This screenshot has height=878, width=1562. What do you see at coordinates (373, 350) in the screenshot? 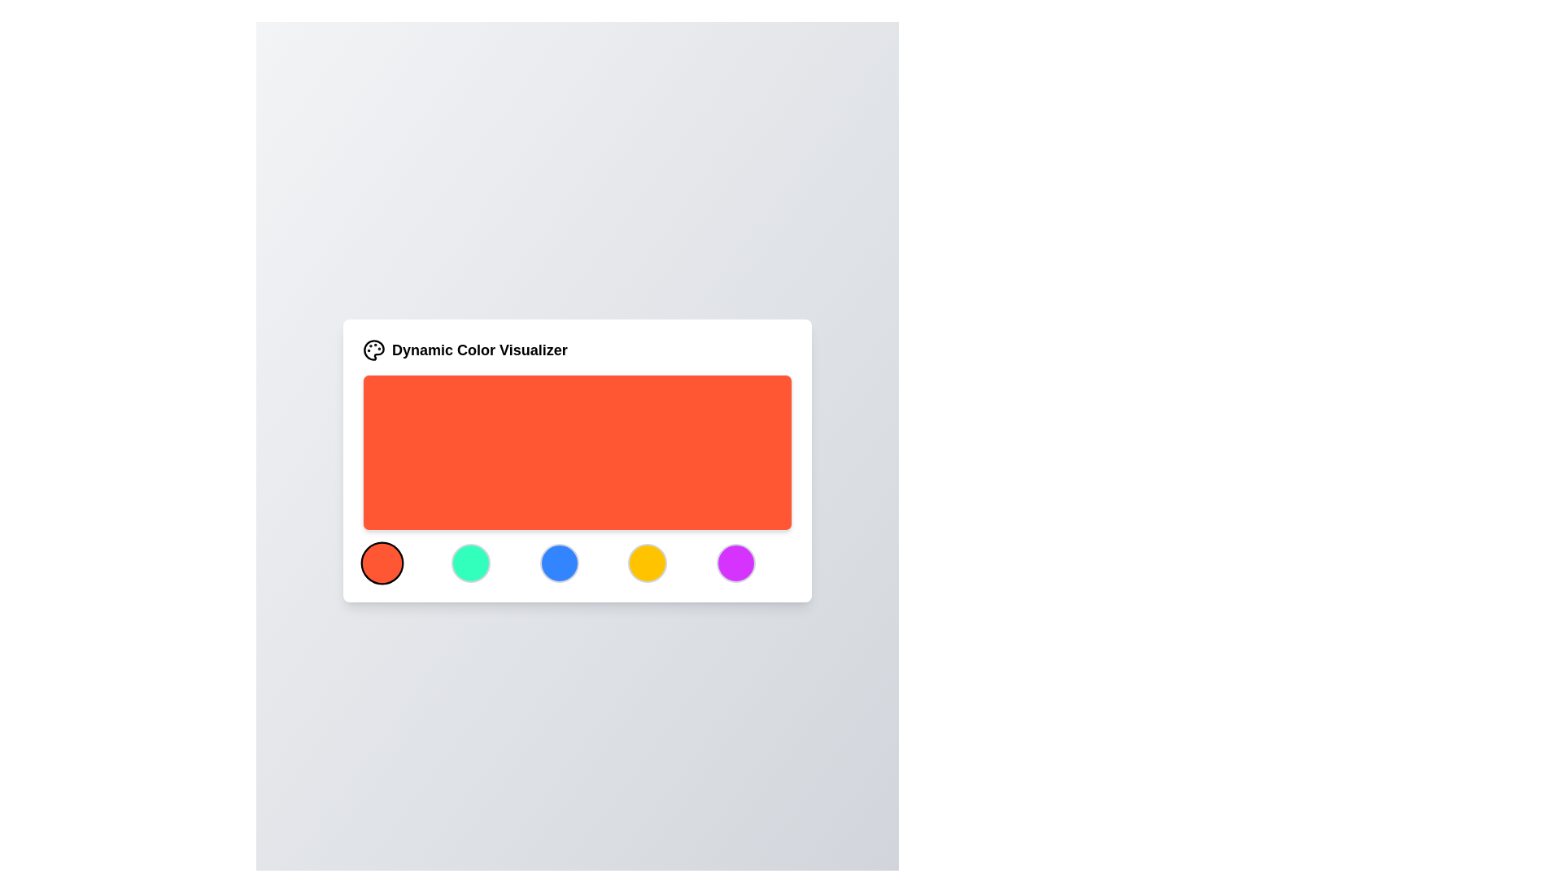
I see `the small, circular painter's palette icon located to the far left of the header section of the 'Dynamic Color Visualizer' component, which precedes the label 'Dynamic Color Visualizer.'` at bounding box center [373, 350].